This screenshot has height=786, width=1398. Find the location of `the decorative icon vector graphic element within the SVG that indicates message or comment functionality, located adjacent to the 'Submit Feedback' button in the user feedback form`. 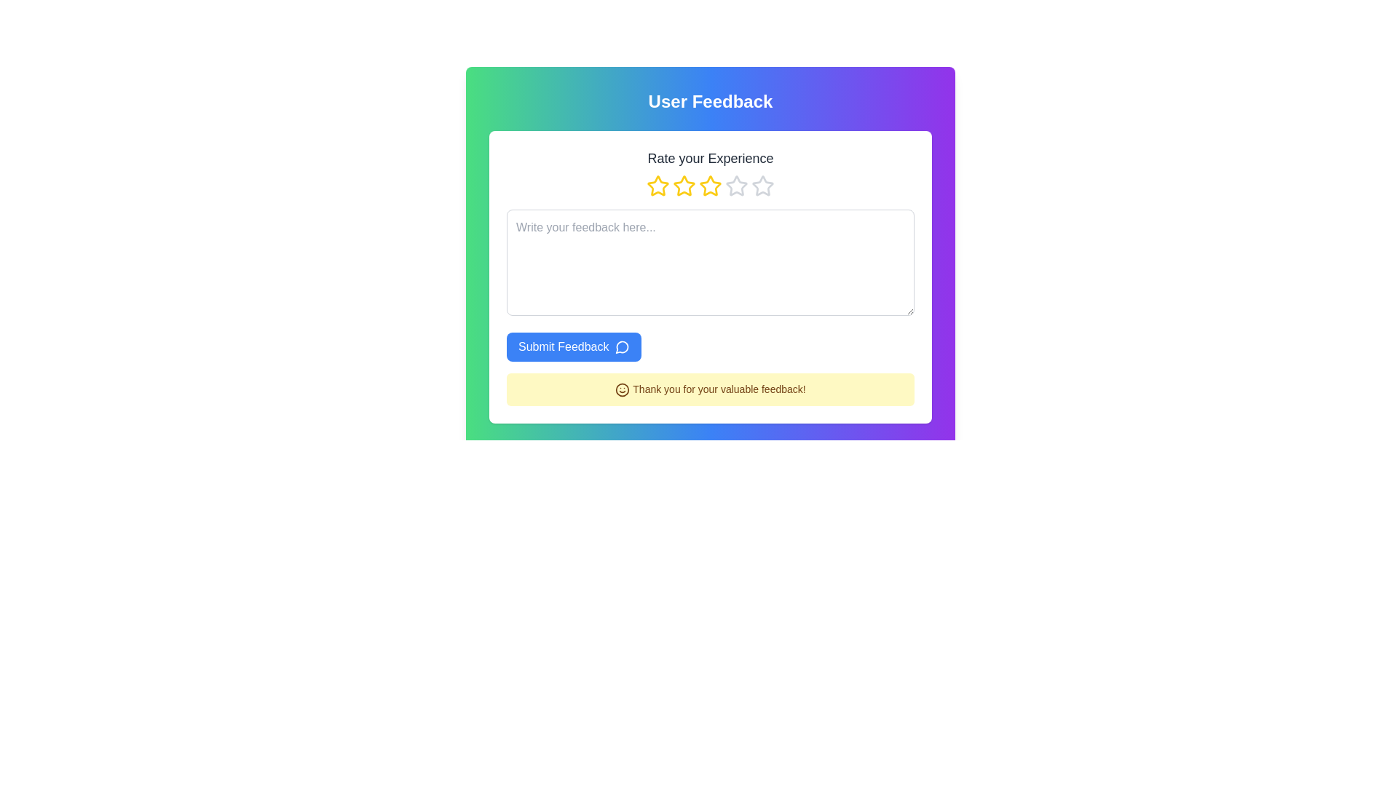

the decorative icon vector graphic element within the SVG that indicates message or comment functionality, located adjacent to the 'Submit Feedback' button in the user feedback form is located at coordinates (622, 347).